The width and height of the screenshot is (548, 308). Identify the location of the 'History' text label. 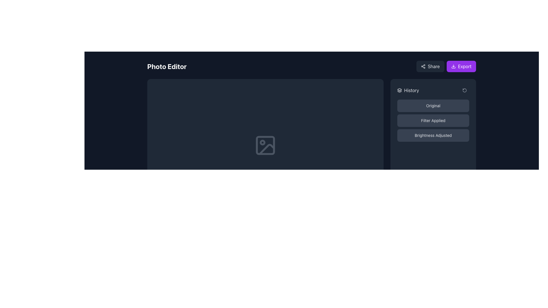
(411, 90).